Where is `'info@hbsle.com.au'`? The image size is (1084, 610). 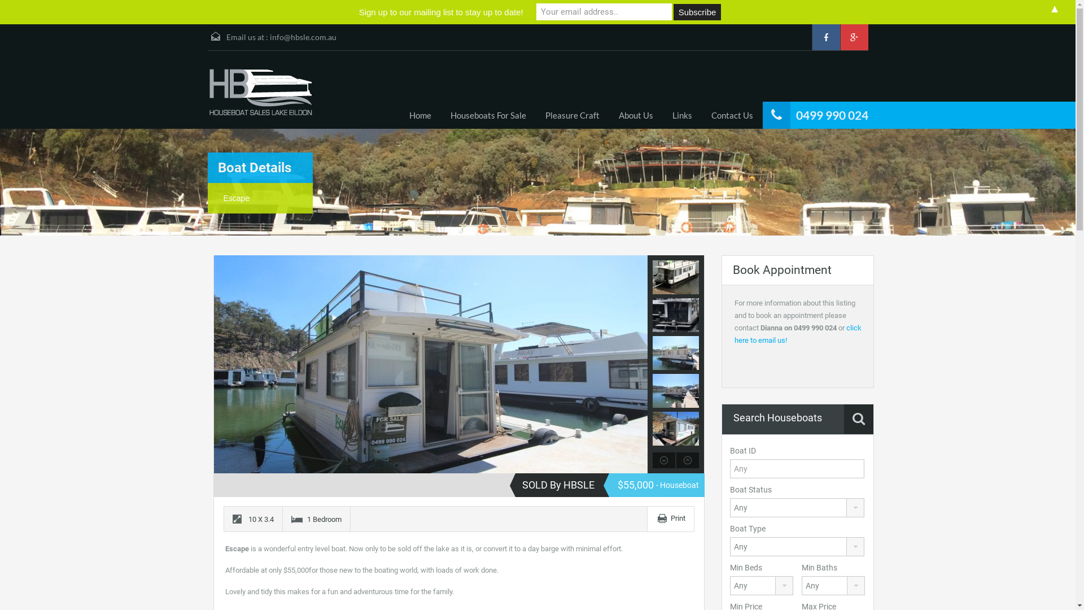
'info@hbsle.com.au' is located at coordinates (303, 36).